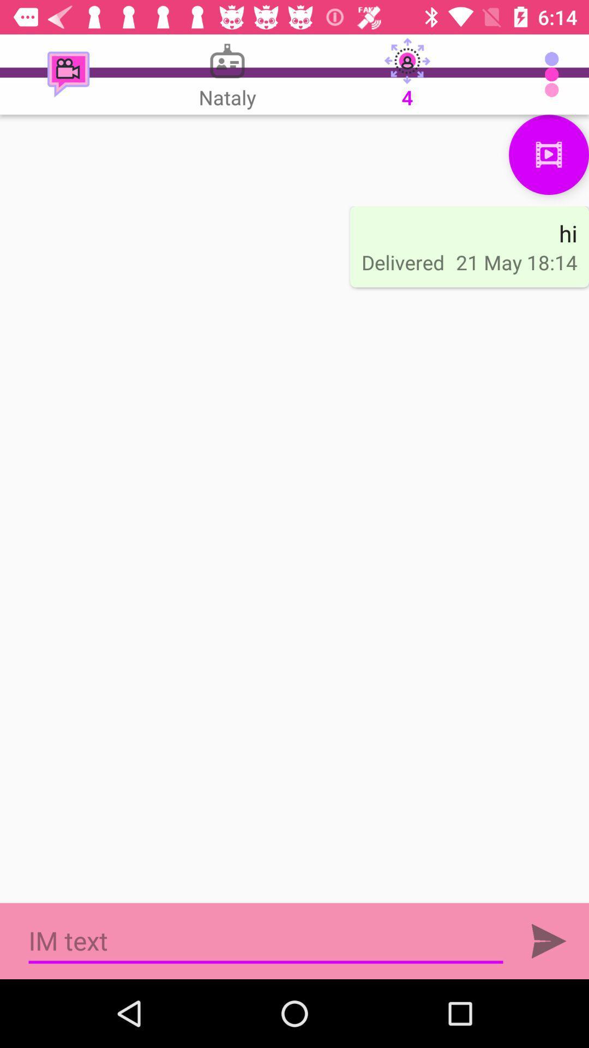 This screenshot has height=1048, width=589. Describe the element at coordinates (549, 940) in the screenshot. I see `text` at that location.